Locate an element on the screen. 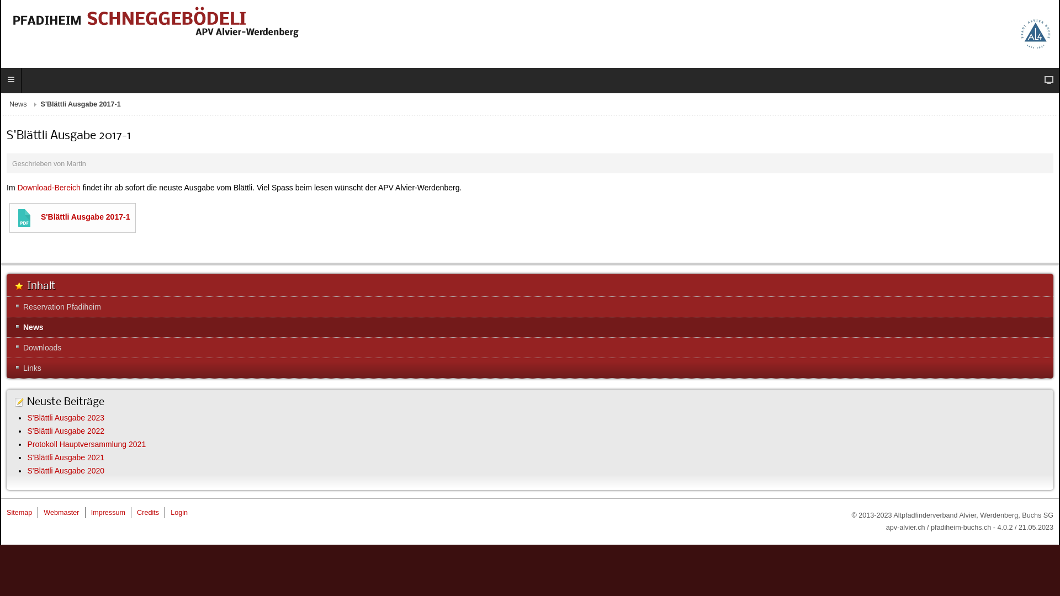  'Protokoll Hauptversammlung 2021' is located at coordinates (86, 444).